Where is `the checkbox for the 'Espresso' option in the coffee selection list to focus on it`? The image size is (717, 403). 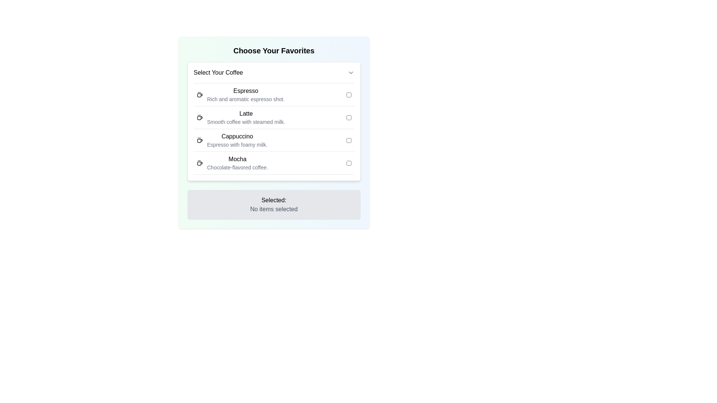
the checkbox for the 'Espresso' option in the coffee selection list to focus on it is located at coordinates (348, 94).